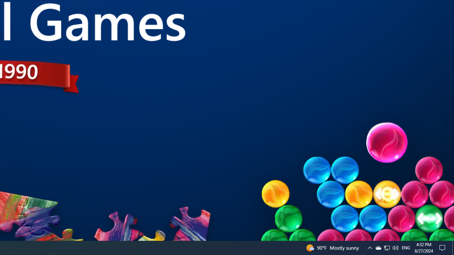  What do you see at coordinates (395, 247) in the screenshot?
I see `'Q2790: 100%'` at bounding box center [395, 247].